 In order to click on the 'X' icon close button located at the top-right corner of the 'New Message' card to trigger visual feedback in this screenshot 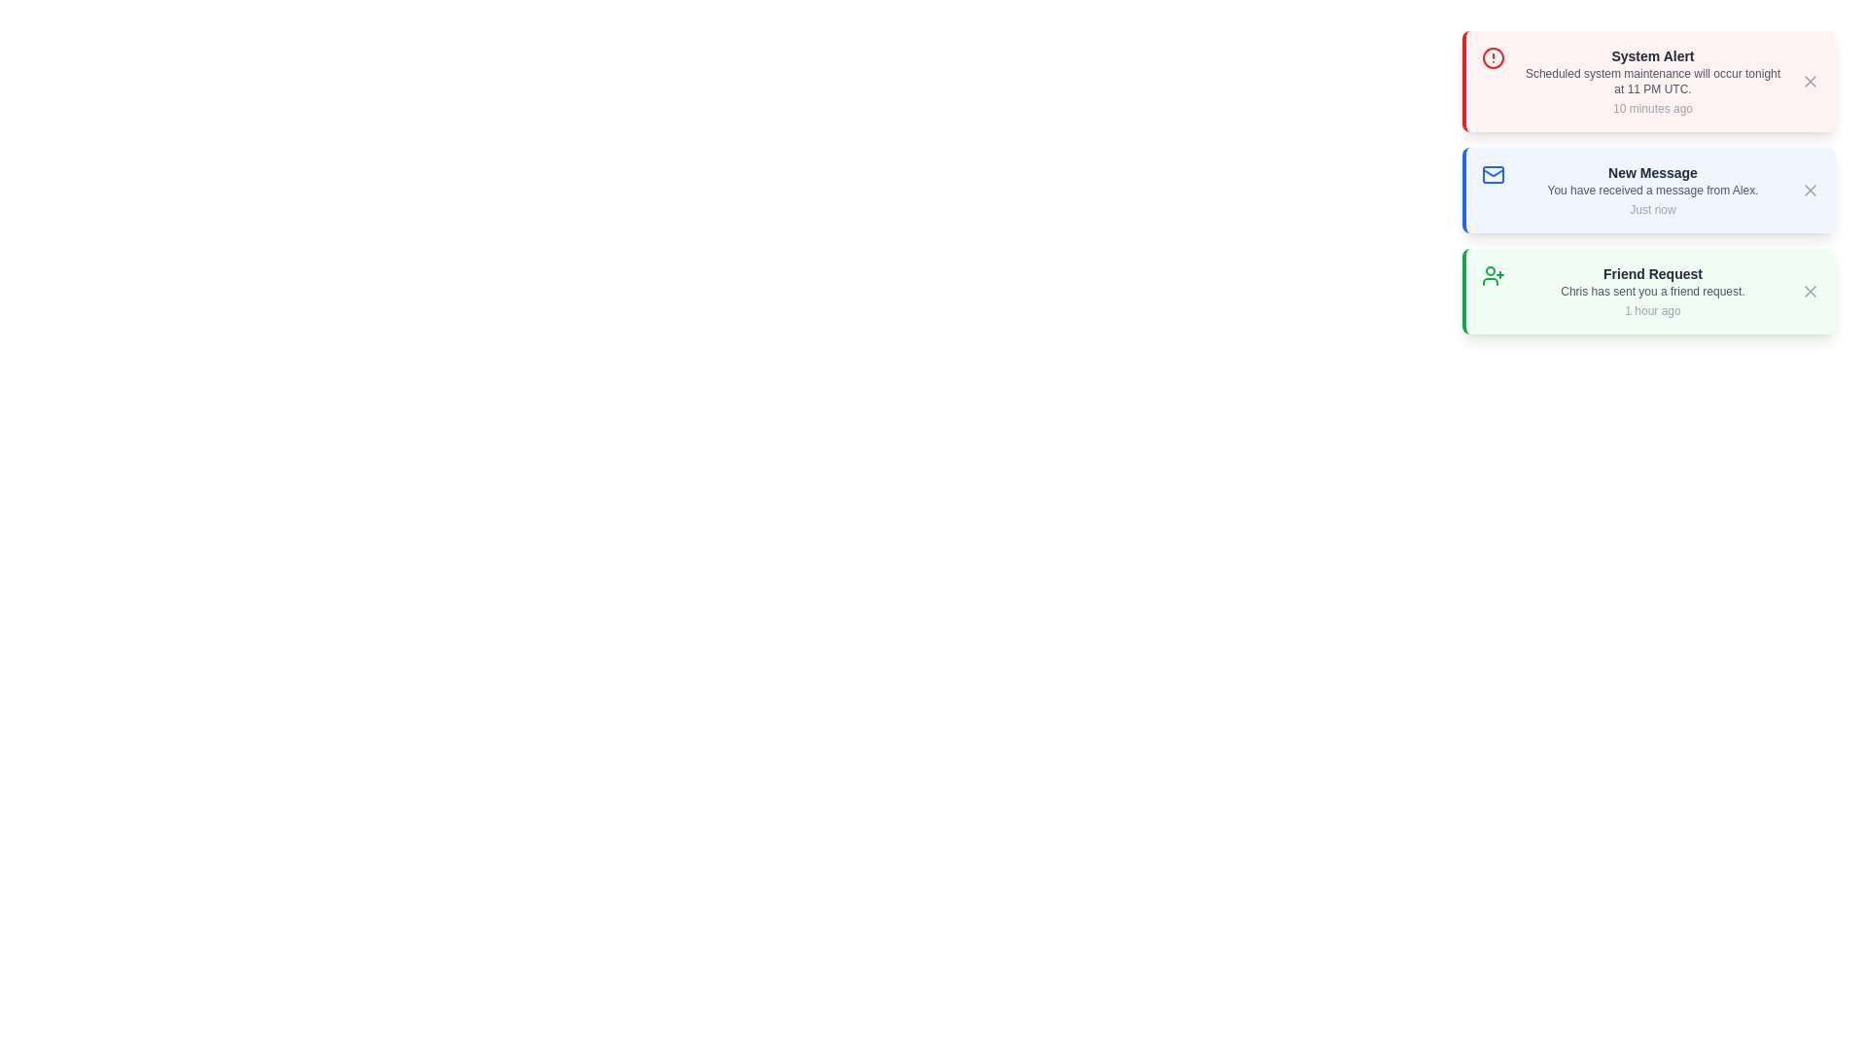, I will do `click(1810, 191)`.